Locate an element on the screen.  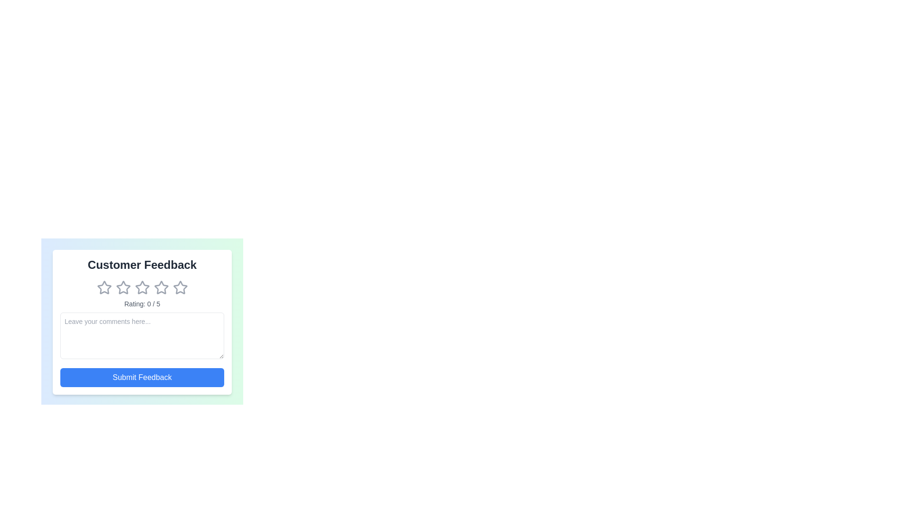
the comments field and type the desired text is located at coordinates (142, 335).